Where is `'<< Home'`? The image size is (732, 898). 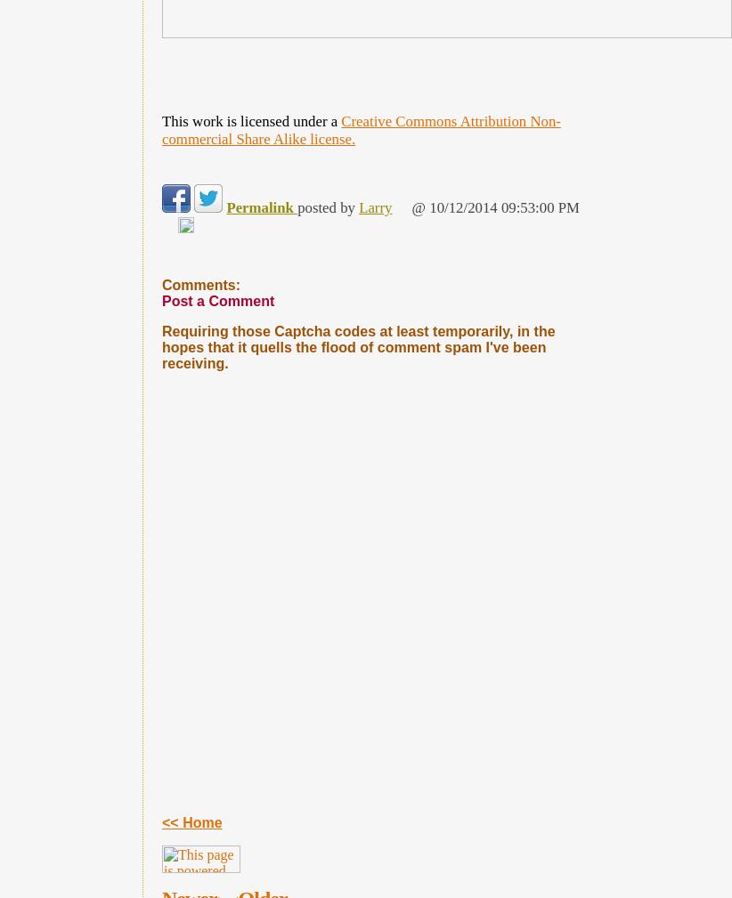
'<< Home' is located at coordinates (191, 822).